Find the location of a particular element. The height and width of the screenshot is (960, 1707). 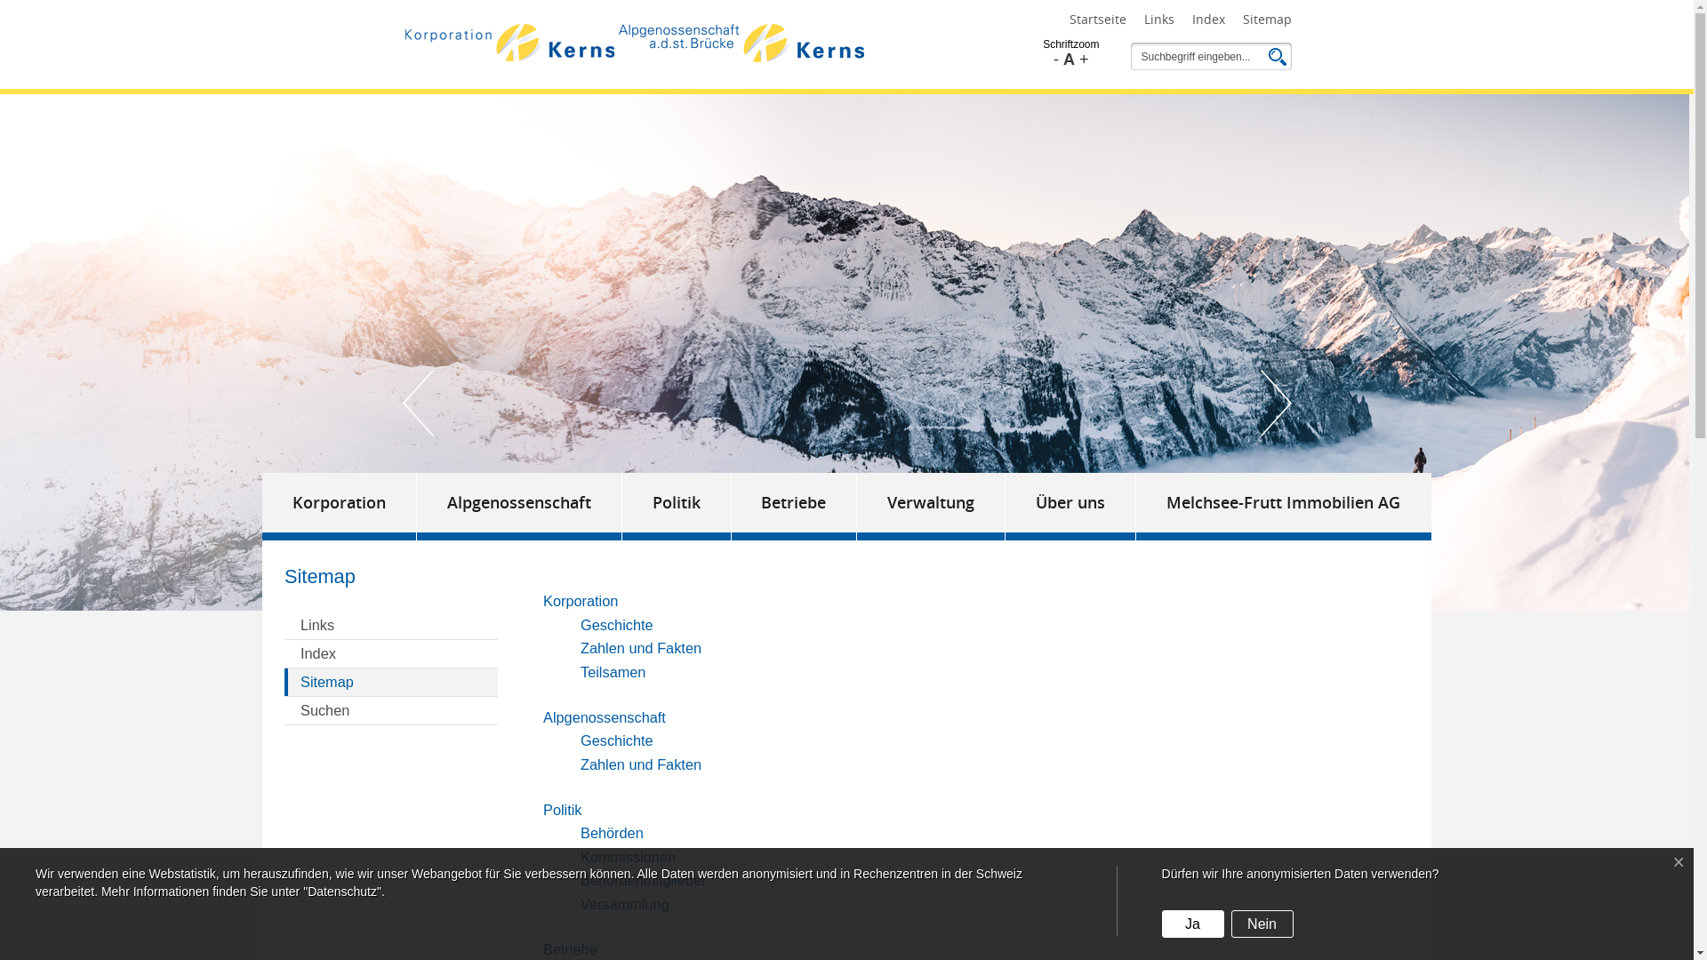

'Korporation' is located at coordinates (580, 600).